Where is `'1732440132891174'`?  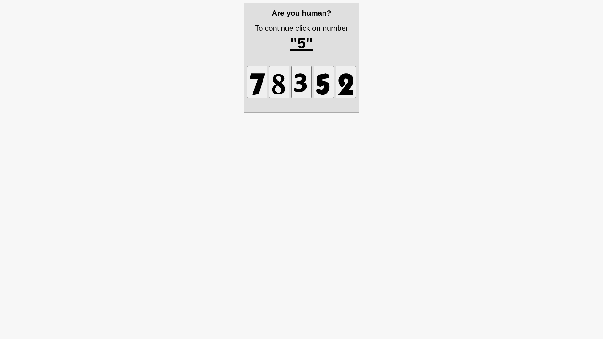
'1732440132891174' is located at coordinates (257, 82).